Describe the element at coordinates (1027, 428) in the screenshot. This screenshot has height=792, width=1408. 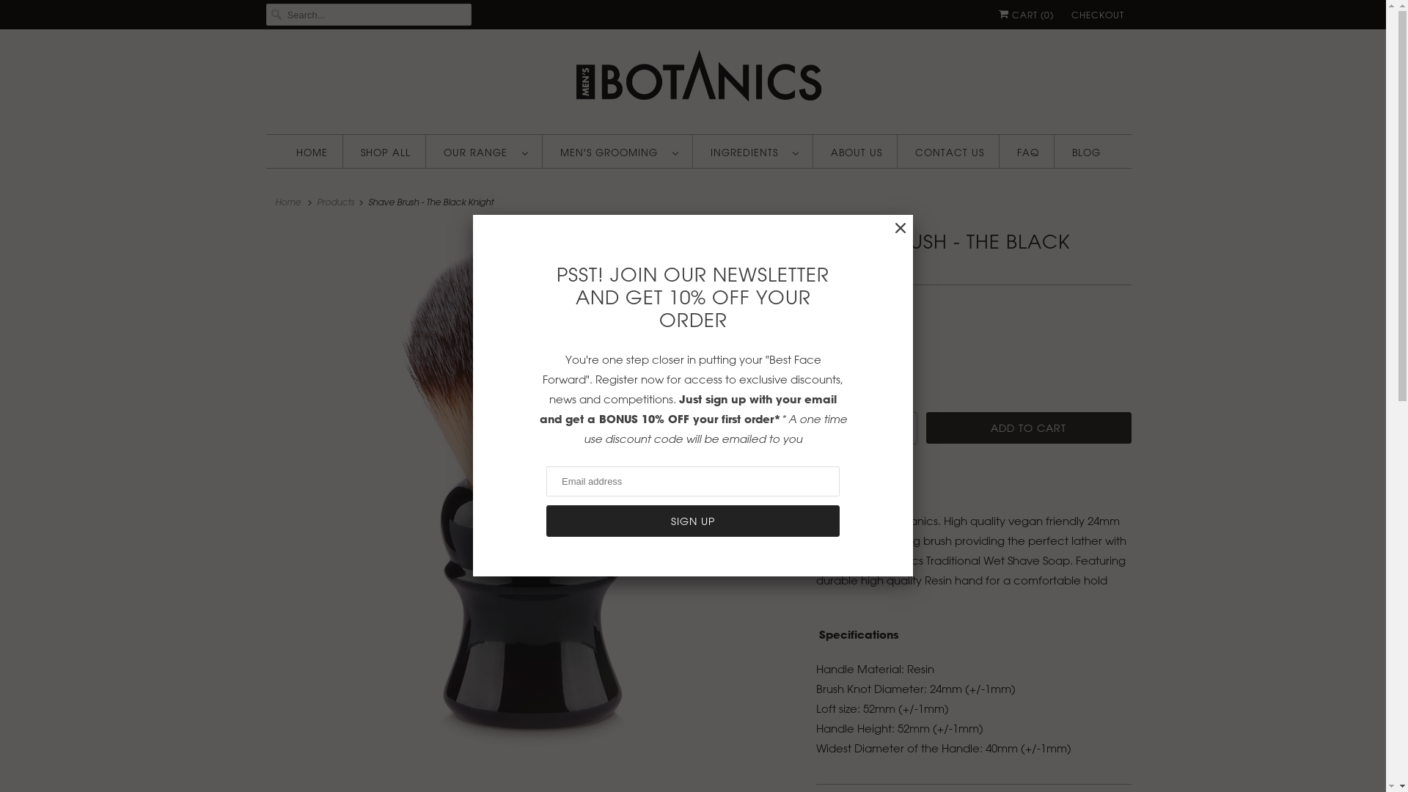
I see `'ADD TO CART'` at that location.